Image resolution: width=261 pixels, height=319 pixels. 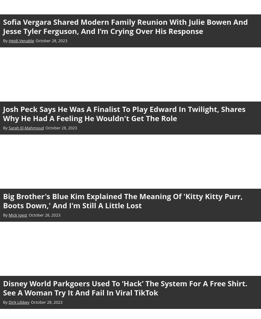 I want to click on 'Dirk Libbey', so click(x=18, y=302).